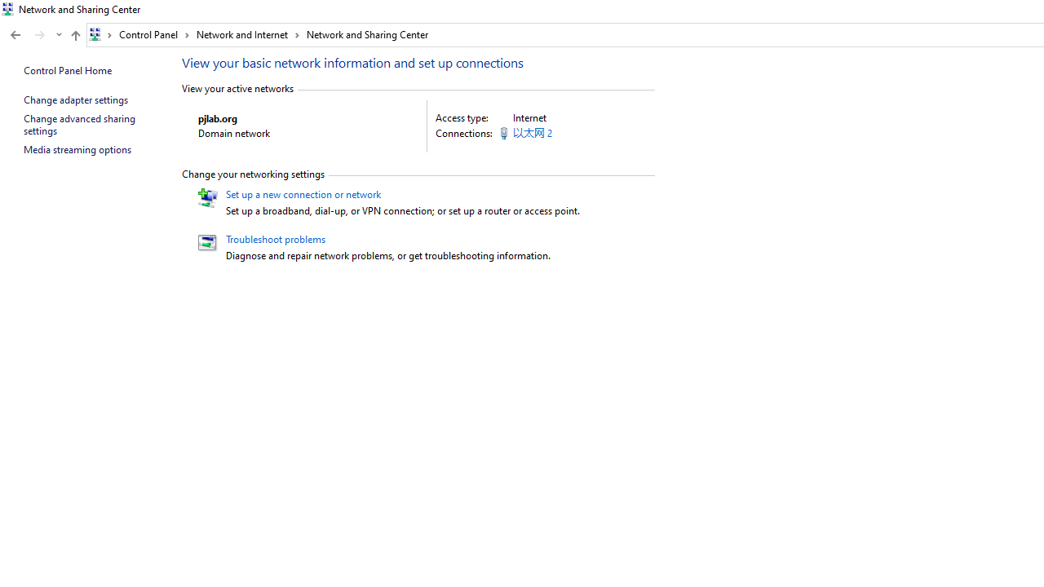 Image resolution: width=1044 pixels, height=587 pixels. I want to click on 'Navigation buttons', so click(34, 35).